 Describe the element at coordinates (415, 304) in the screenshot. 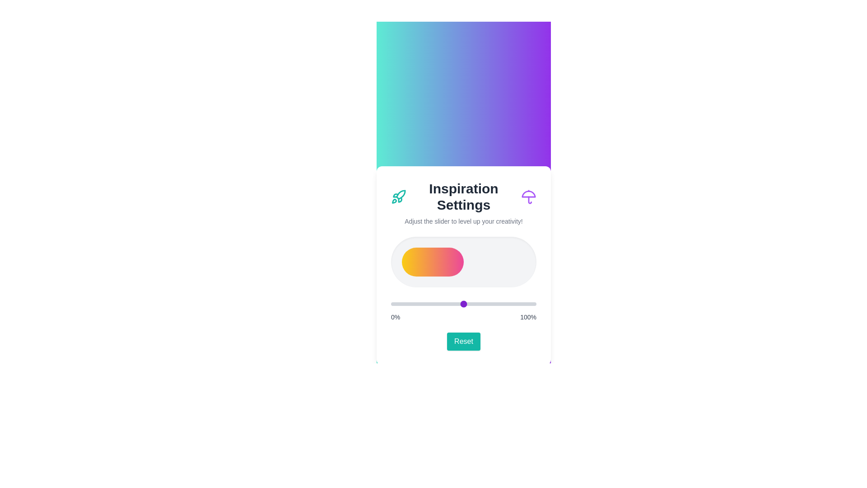

I see `the slider to 17%` at that location.